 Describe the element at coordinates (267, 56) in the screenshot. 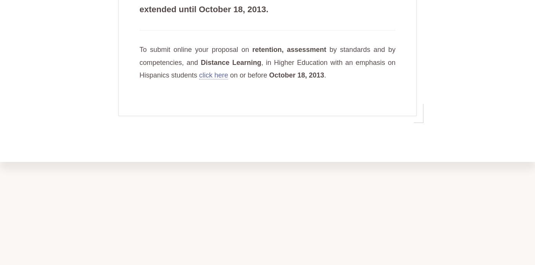

I see `'by standards and by competencies, and'` at that location.